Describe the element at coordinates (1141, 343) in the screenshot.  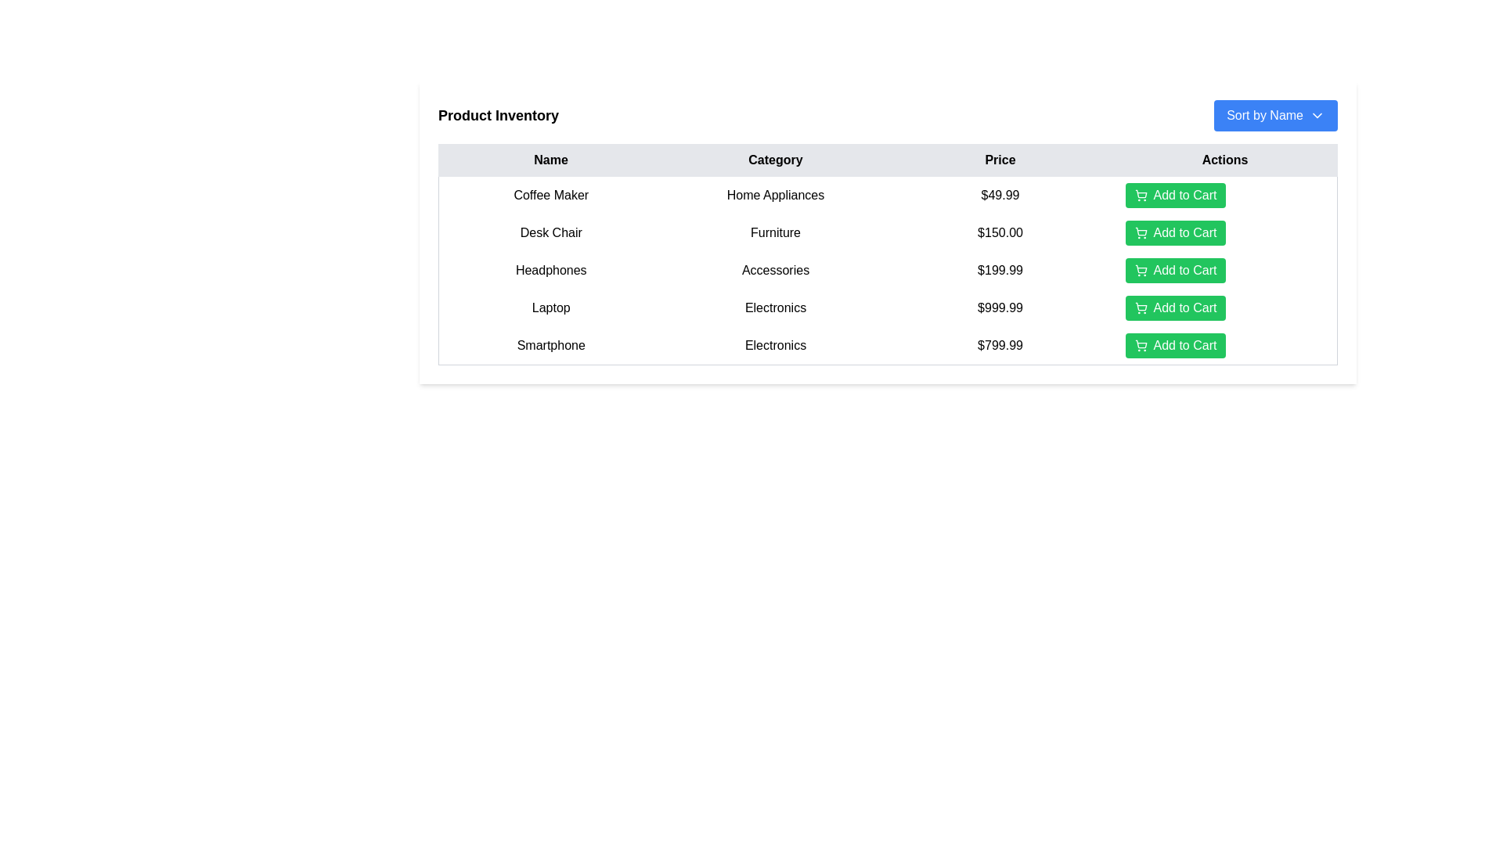
I see `the visual representation of the 'Add to Cart' icon located in the last column under the 'Actions' header for the 'Smartphone' item` at that location.